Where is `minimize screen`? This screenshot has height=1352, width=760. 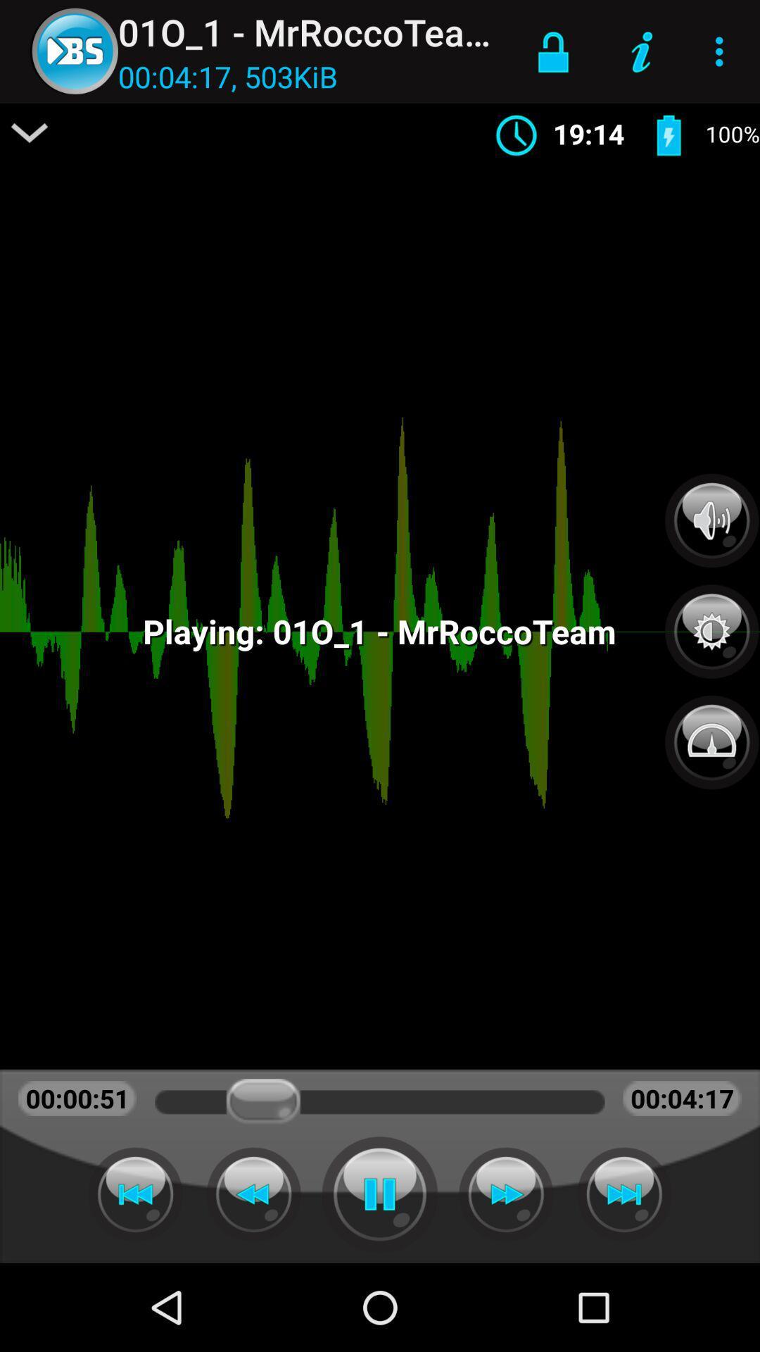 minimize screen is located at coordinates (30, 132).